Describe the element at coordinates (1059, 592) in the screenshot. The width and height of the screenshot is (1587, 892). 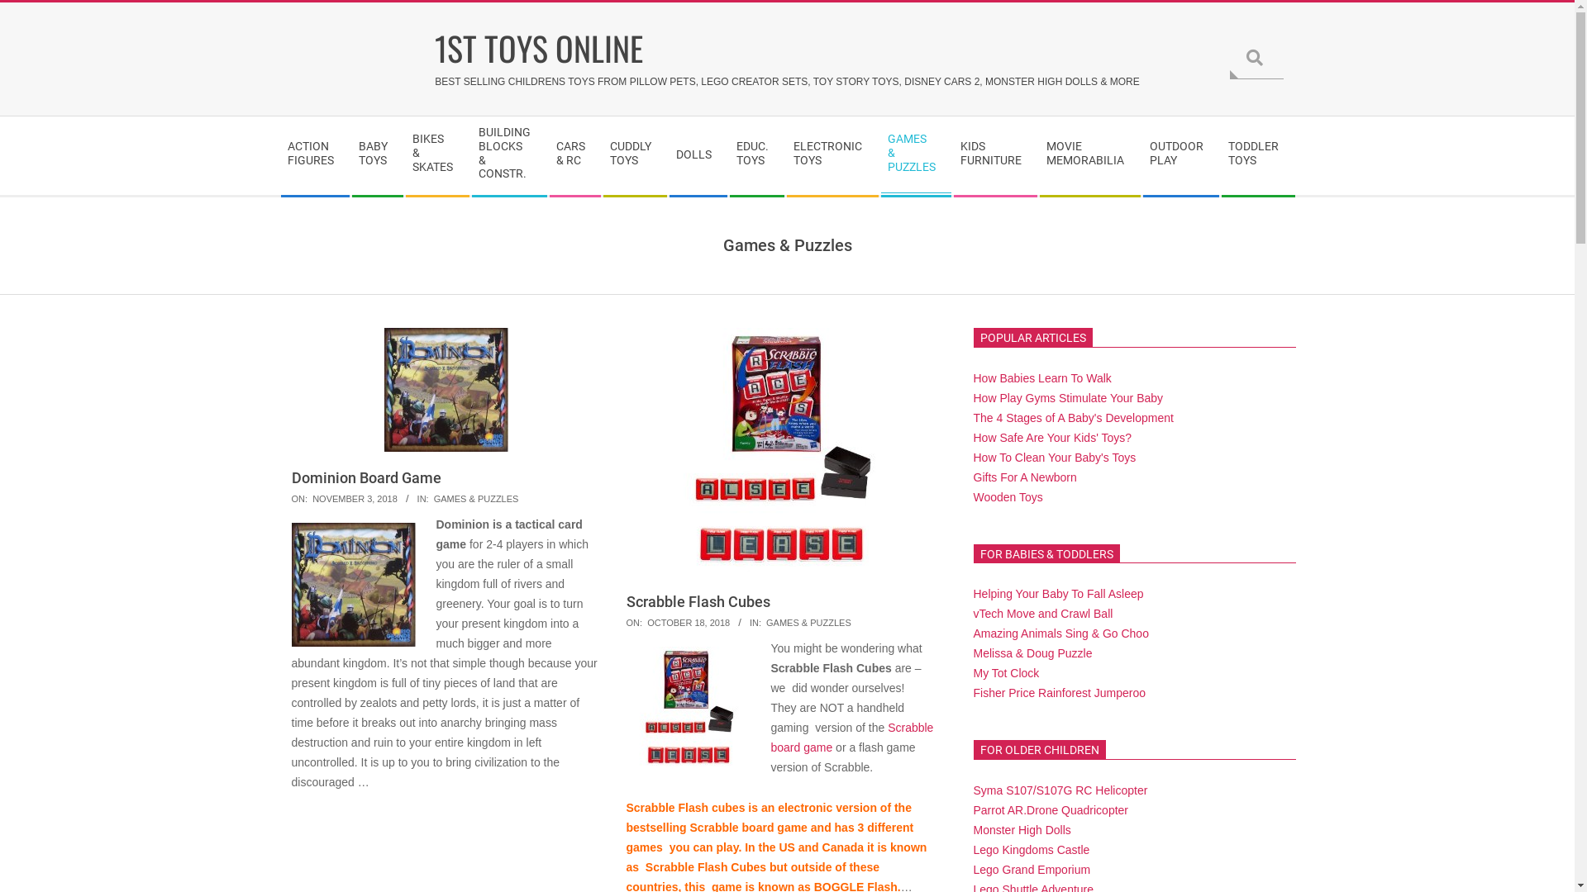
I see `'Helping Your Baby To Fall Asleep'` at that location.